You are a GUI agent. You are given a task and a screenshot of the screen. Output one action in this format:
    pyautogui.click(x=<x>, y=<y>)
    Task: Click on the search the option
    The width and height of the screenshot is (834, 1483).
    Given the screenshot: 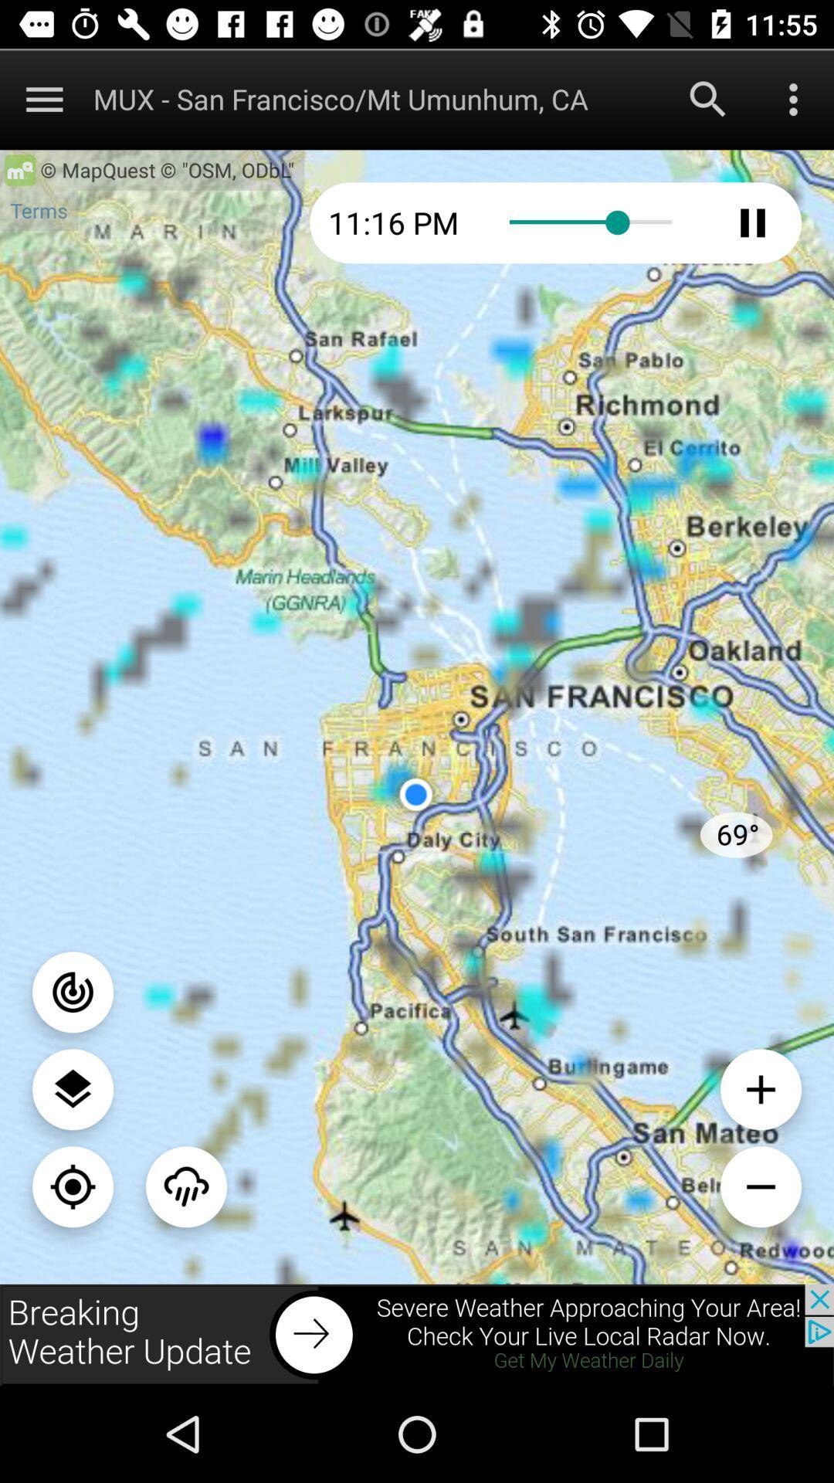 What is the action you would take?
    pyautogui.click(x=708, y=98)
    